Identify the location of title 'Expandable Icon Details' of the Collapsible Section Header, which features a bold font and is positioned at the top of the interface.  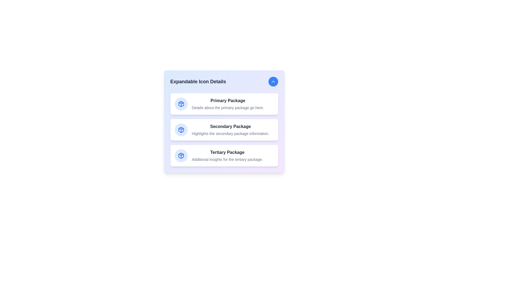
(224, 83).